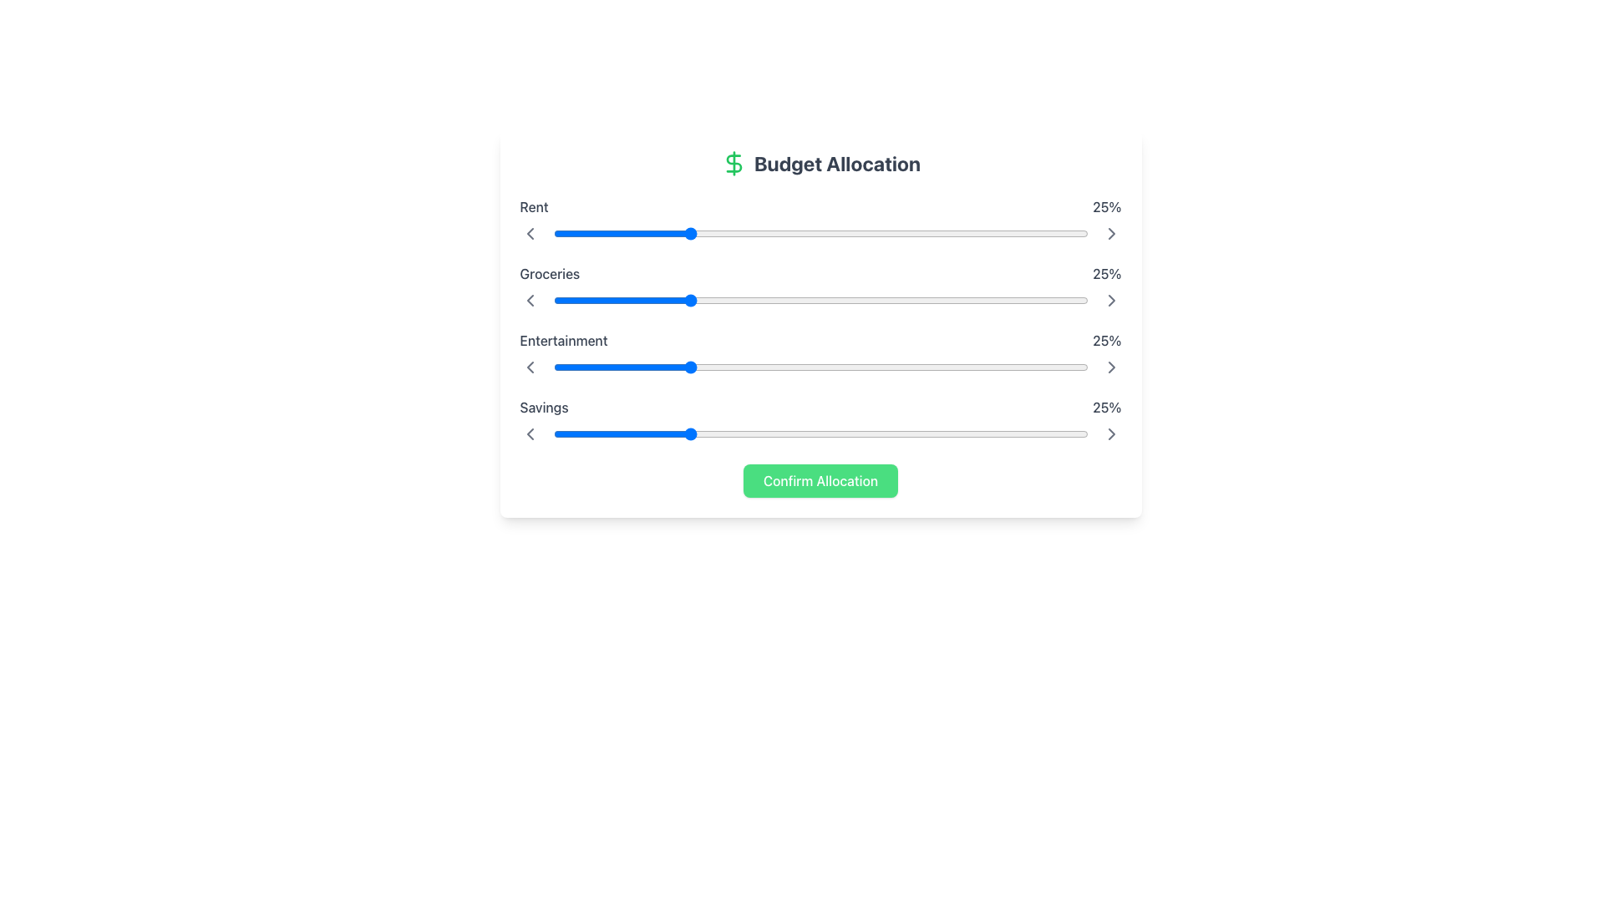 Image resolution: width=1604 pixels, height=902 pixels. Describe the element at coordinates (724, 299) in the screenshot. I see `the groceries allocation percentage` at that location.